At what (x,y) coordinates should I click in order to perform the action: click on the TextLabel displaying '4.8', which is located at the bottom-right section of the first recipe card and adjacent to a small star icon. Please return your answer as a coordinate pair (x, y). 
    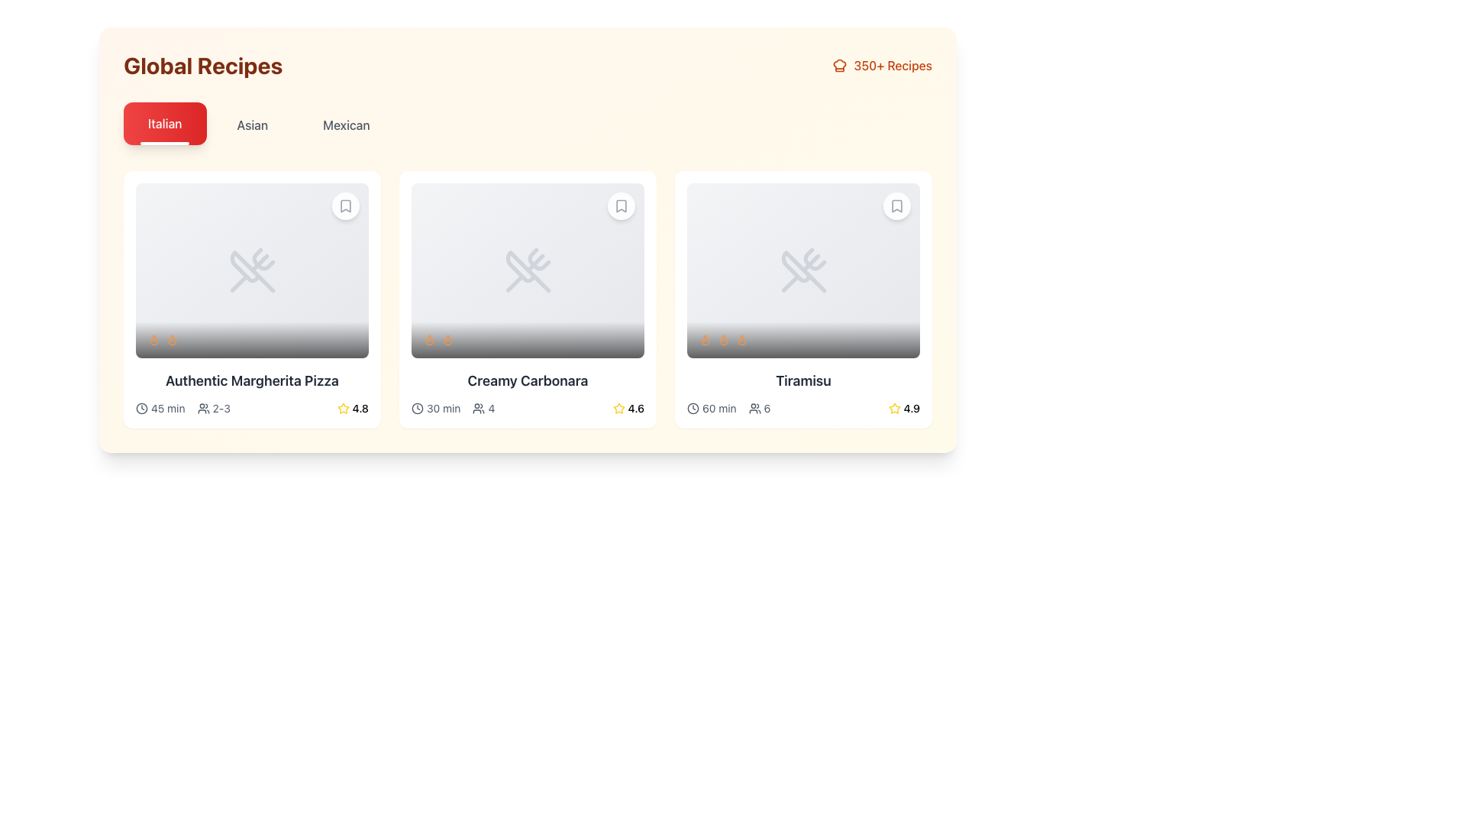
    Looking at the image, I should click on (360, 407).